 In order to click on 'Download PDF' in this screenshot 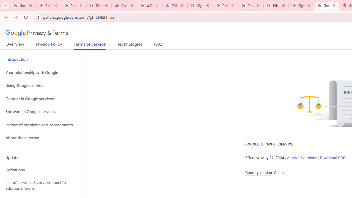, I will do `click(332, 158)`.